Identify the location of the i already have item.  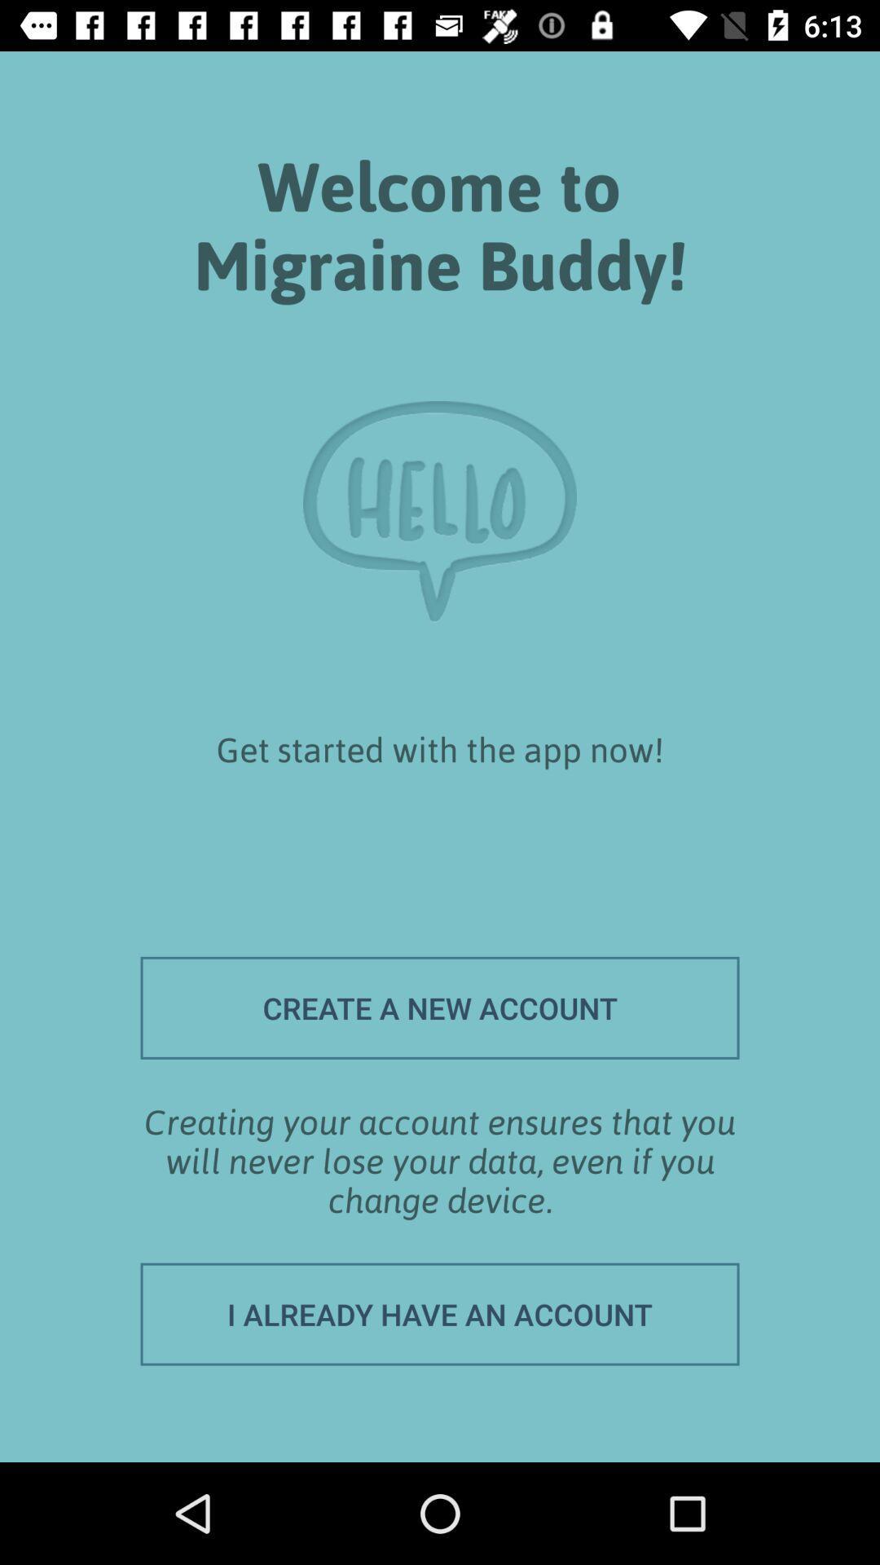
(440, 1314).